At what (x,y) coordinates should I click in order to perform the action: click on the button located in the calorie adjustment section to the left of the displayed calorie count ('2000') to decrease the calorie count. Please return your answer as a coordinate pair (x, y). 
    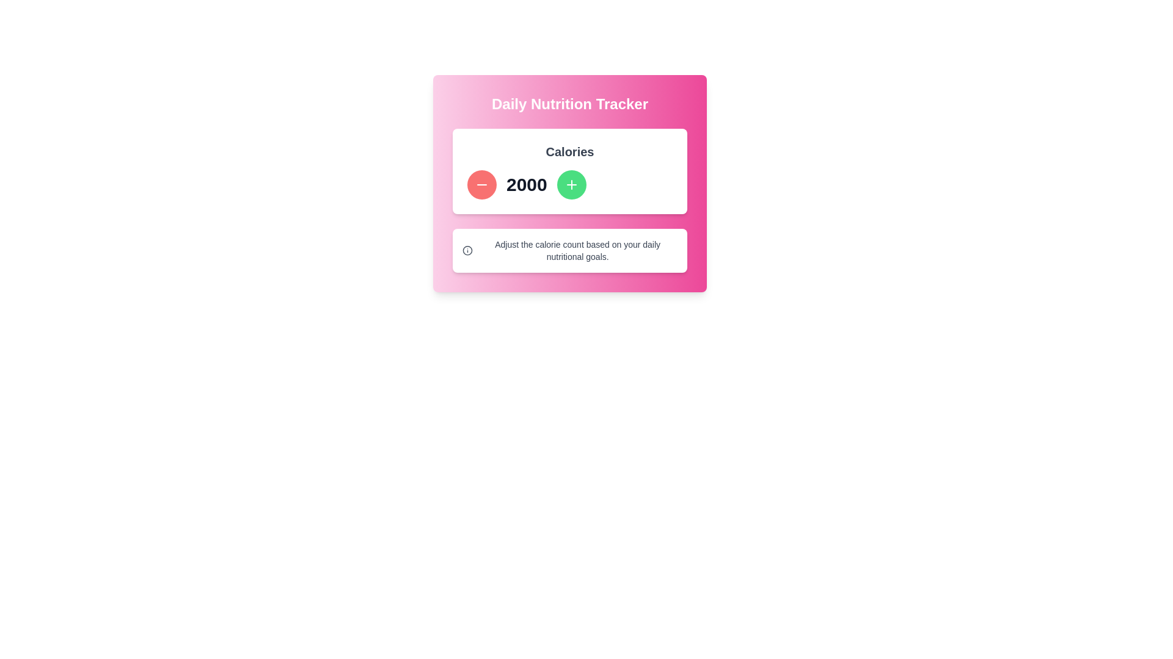
    Looking at the image, I should click on (481, 185).